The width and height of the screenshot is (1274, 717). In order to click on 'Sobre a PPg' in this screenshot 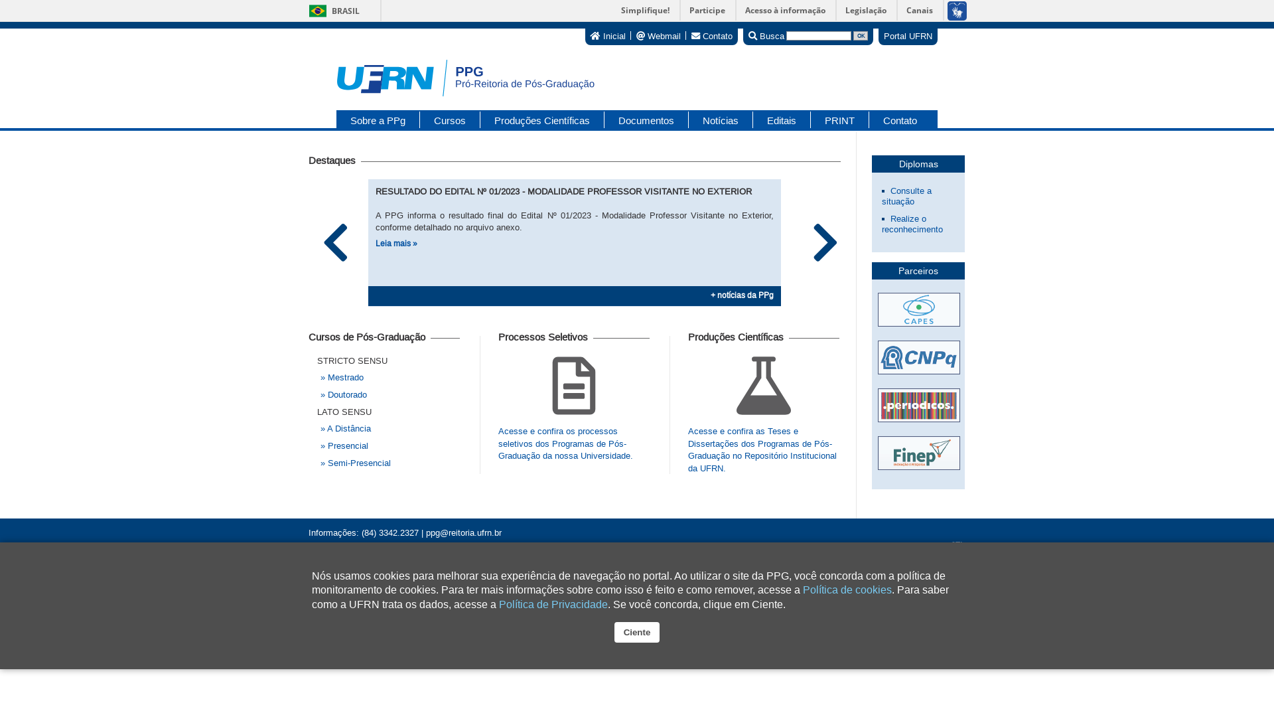, I will do `click(336, 119)`.